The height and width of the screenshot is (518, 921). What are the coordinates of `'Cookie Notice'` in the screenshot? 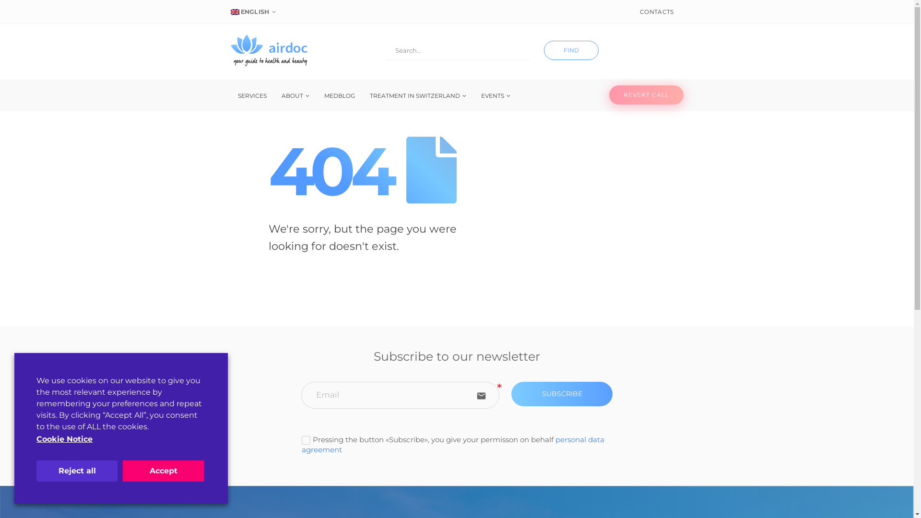 It's located at (36, 439).